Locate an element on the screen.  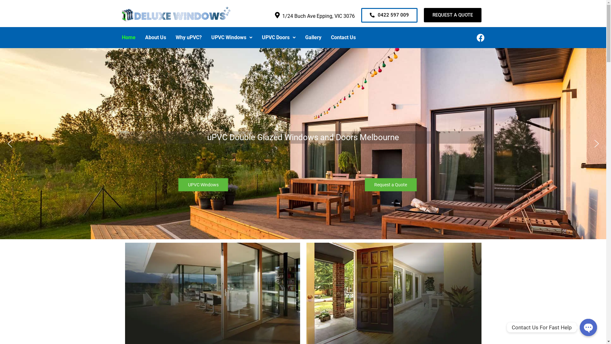
'Home' is located at coordinates (117, 38).